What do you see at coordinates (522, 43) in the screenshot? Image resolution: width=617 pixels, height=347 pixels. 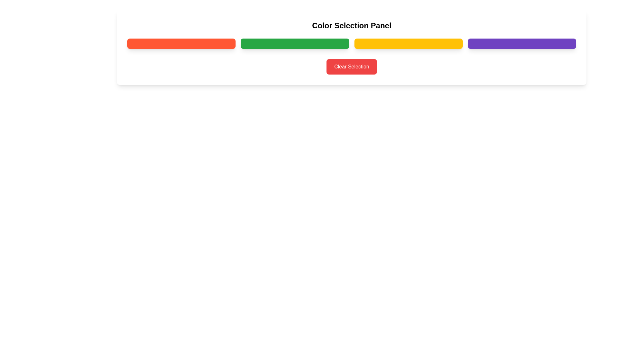 I see `the fourth selectable color block in the row of four colorful rectangular blocks` at bounding box center [522, 43].